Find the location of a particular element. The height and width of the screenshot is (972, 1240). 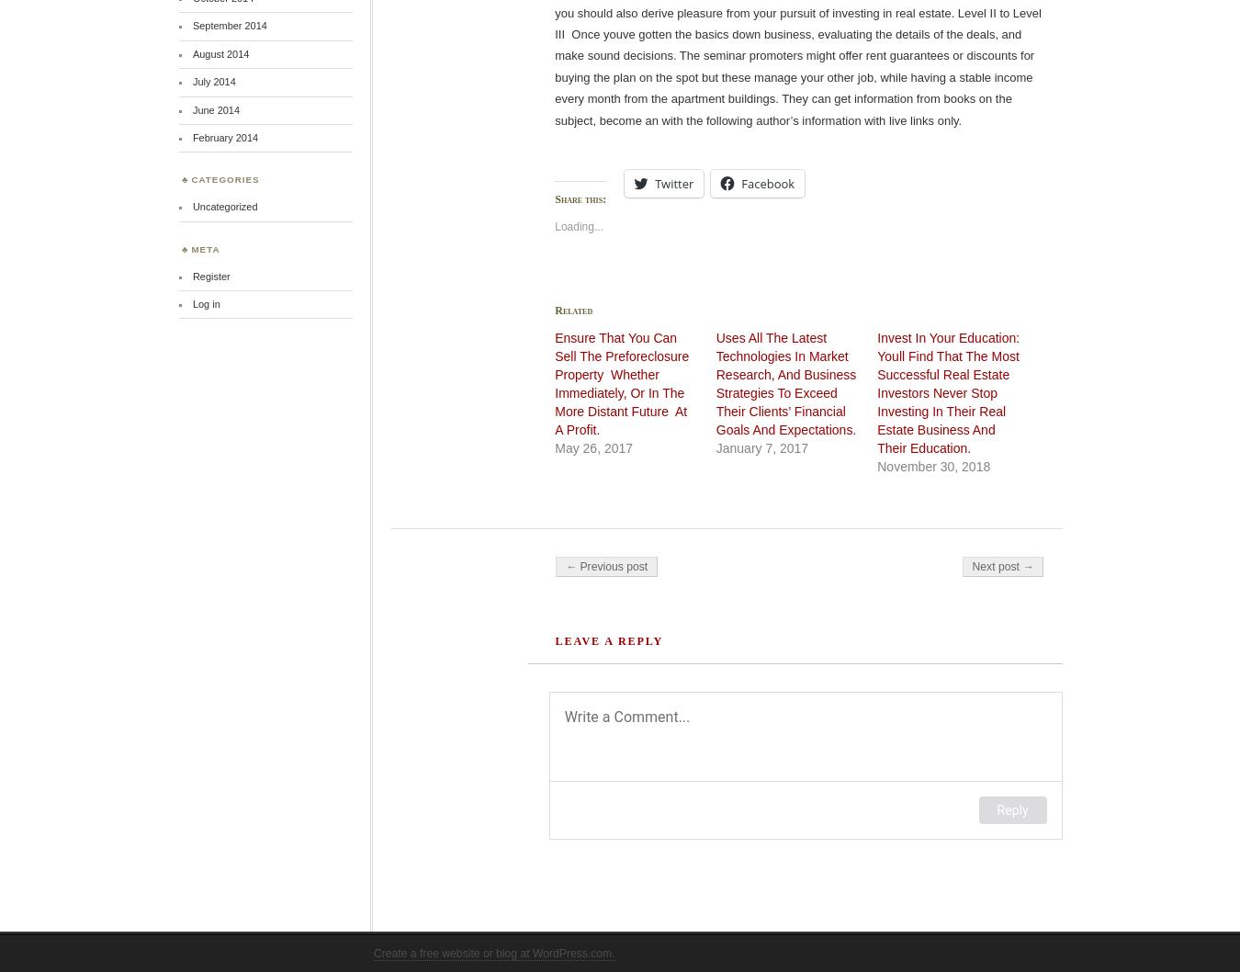

'← Previous post' is located at coordinates (565, 565).